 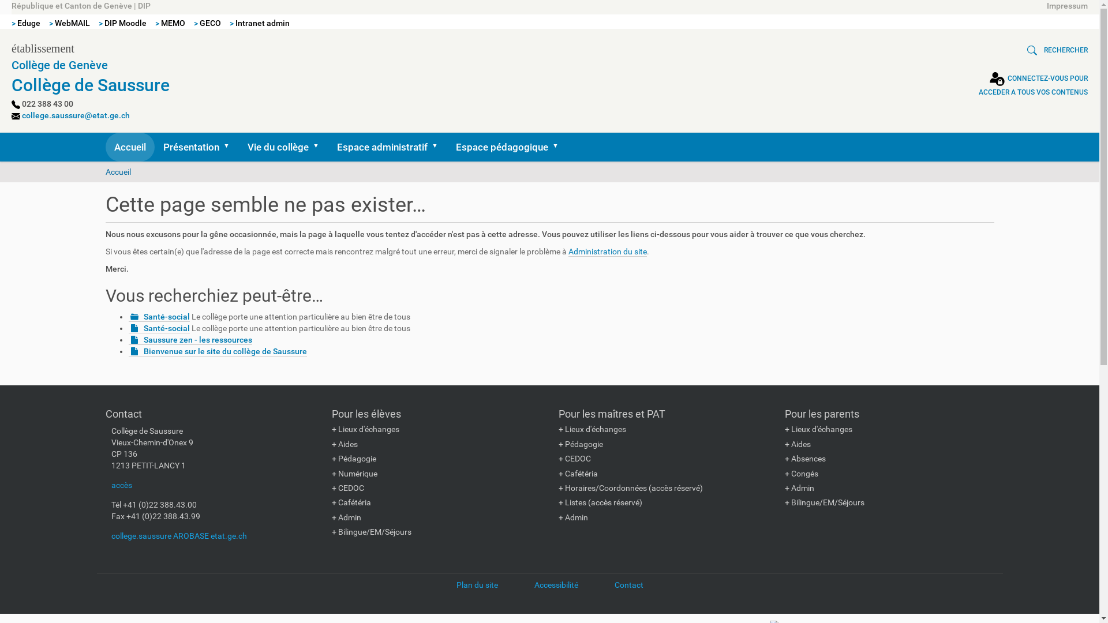 I want to click on '> DIP Moodle', so click(x=122, y=22).